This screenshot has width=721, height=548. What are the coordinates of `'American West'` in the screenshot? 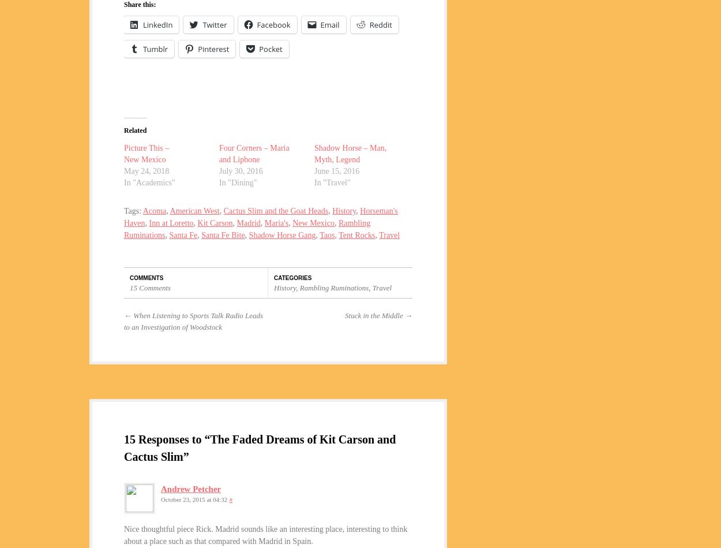 It's located at (194, 210).